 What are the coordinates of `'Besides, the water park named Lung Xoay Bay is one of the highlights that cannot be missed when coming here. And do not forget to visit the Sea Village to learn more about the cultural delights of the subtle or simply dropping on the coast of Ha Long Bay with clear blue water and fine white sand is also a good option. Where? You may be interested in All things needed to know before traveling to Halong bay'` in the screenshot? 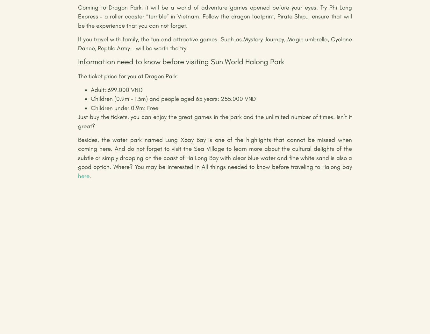 It's located at (215, 153).